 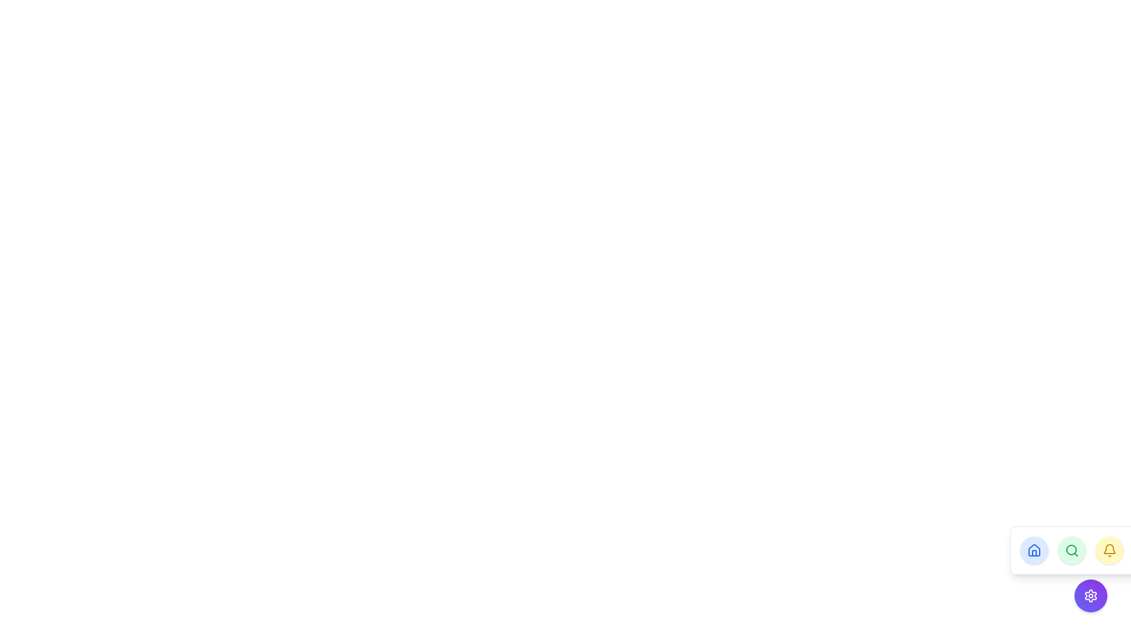 I want to click on the Settings Icon, which is a gear icon styled as an outline, located at the bottom-right corner of the interface, so click(x=1090, y=595).